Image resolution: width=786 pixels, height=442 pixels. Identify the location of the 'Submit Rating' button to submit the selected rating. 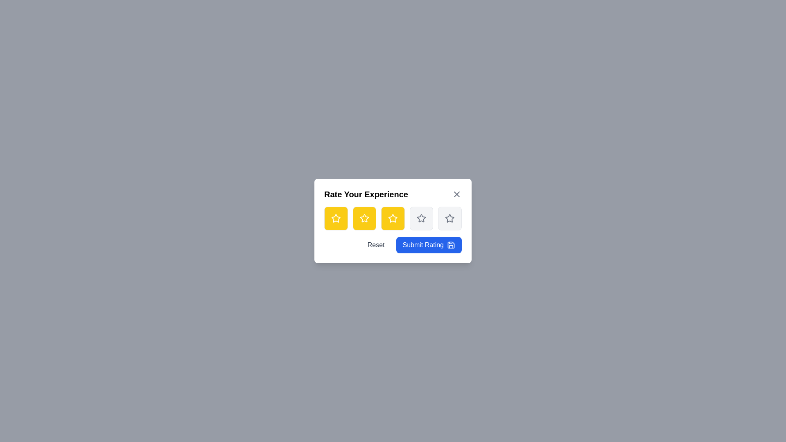
(428, 244).